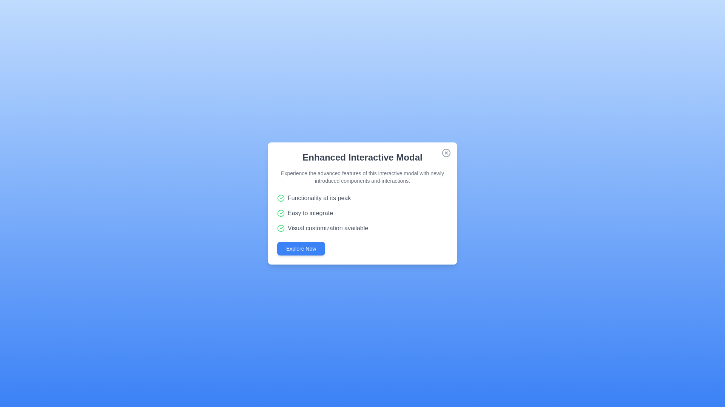 The image size is (725, 407). What do you see at coordinates (362, 177) in the screenshot?
I see `the informational text block that provides a brief description and introduction to the features of the modal, located below the title 'Enhanced Interactive Modal.'` at bounding box center [362, 177].